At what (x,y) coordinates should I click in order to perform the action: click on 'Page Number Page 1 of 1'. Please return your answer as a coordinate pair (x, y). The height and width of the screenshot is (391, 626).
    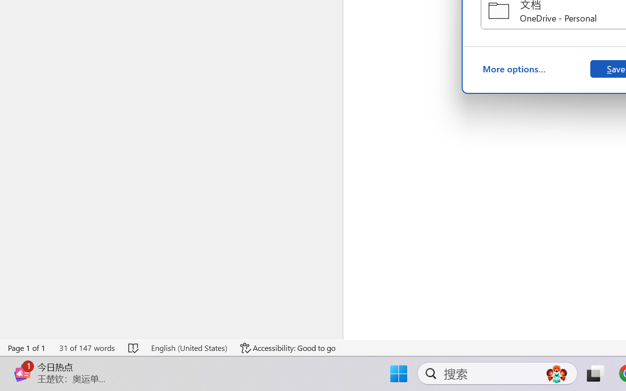
    Looking at the image, I should click on (27, 348).